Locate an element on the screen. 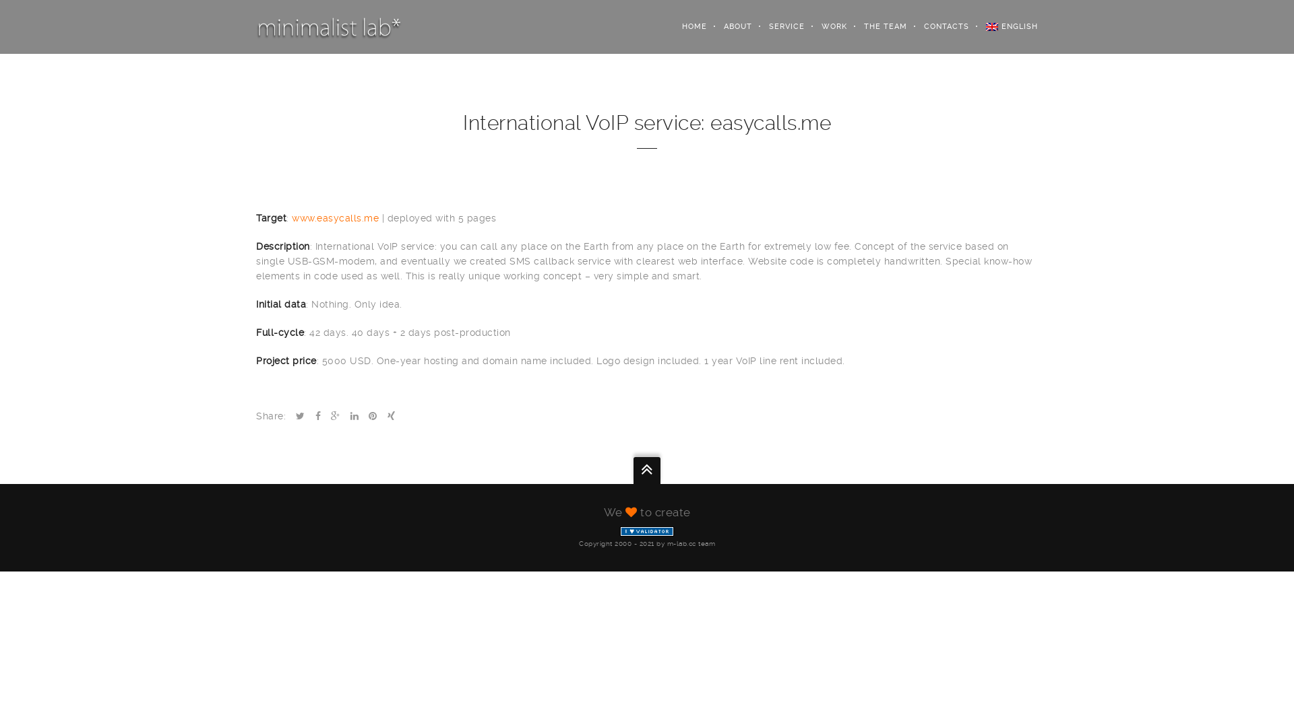 This screenshot has width=1294, height=727. 'www.easycalls.me' is located at coordinates (290, 217).